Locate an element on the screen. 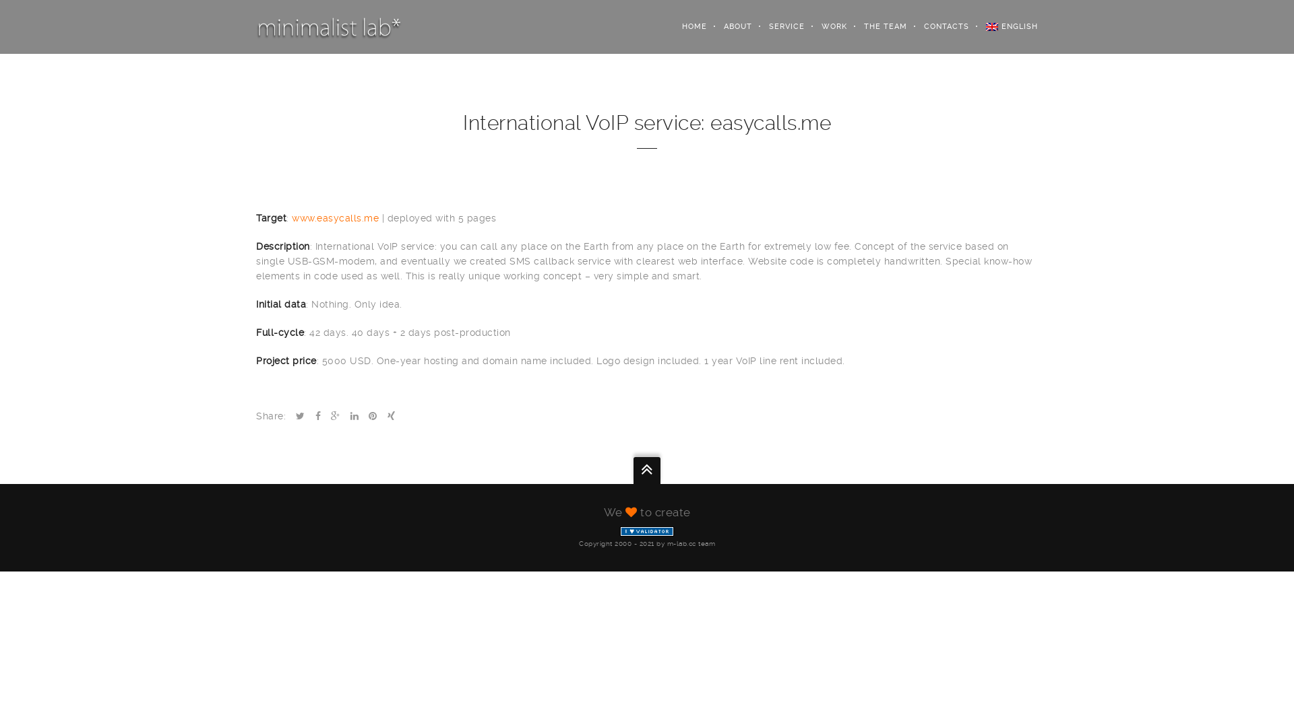 This screenshot has width=1294, height=727. 'www.easycalls.me' is located at coordinates (290, 217).